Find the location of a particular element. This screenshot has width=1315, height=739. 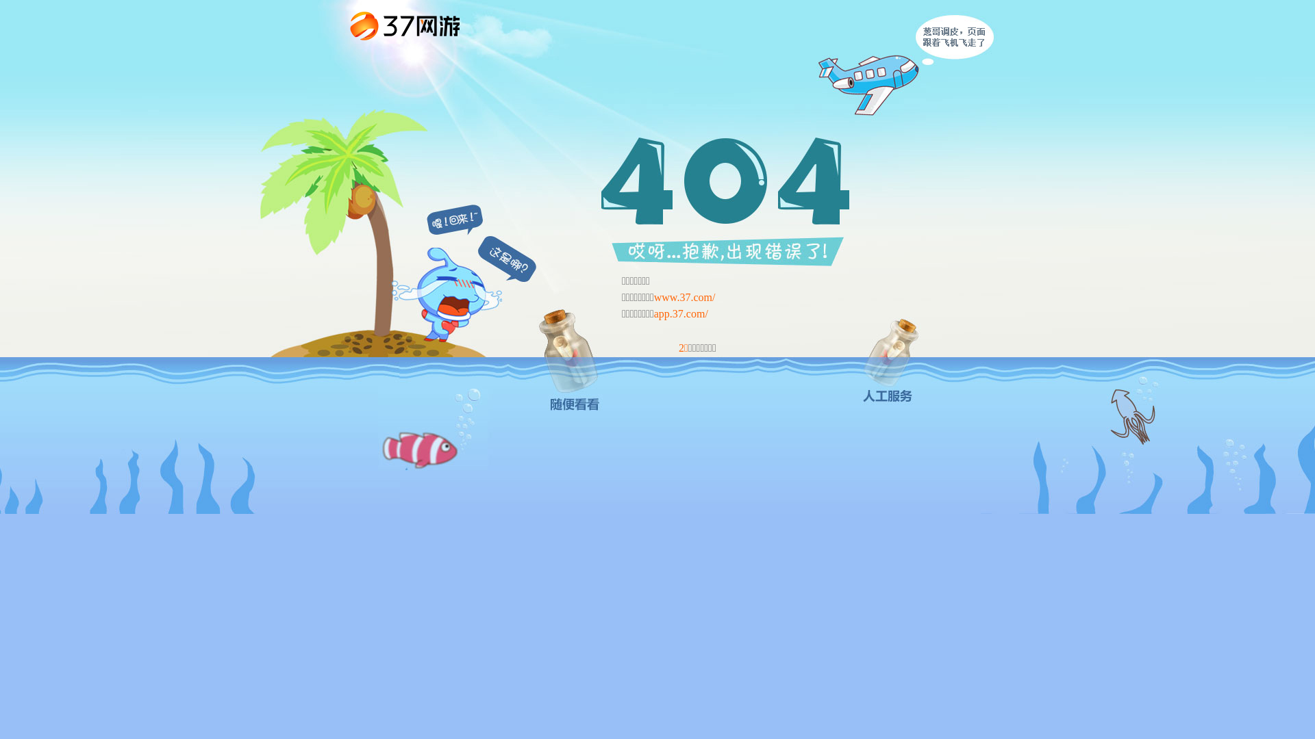

'www.37.com/' is located at coordinates (684, 296).